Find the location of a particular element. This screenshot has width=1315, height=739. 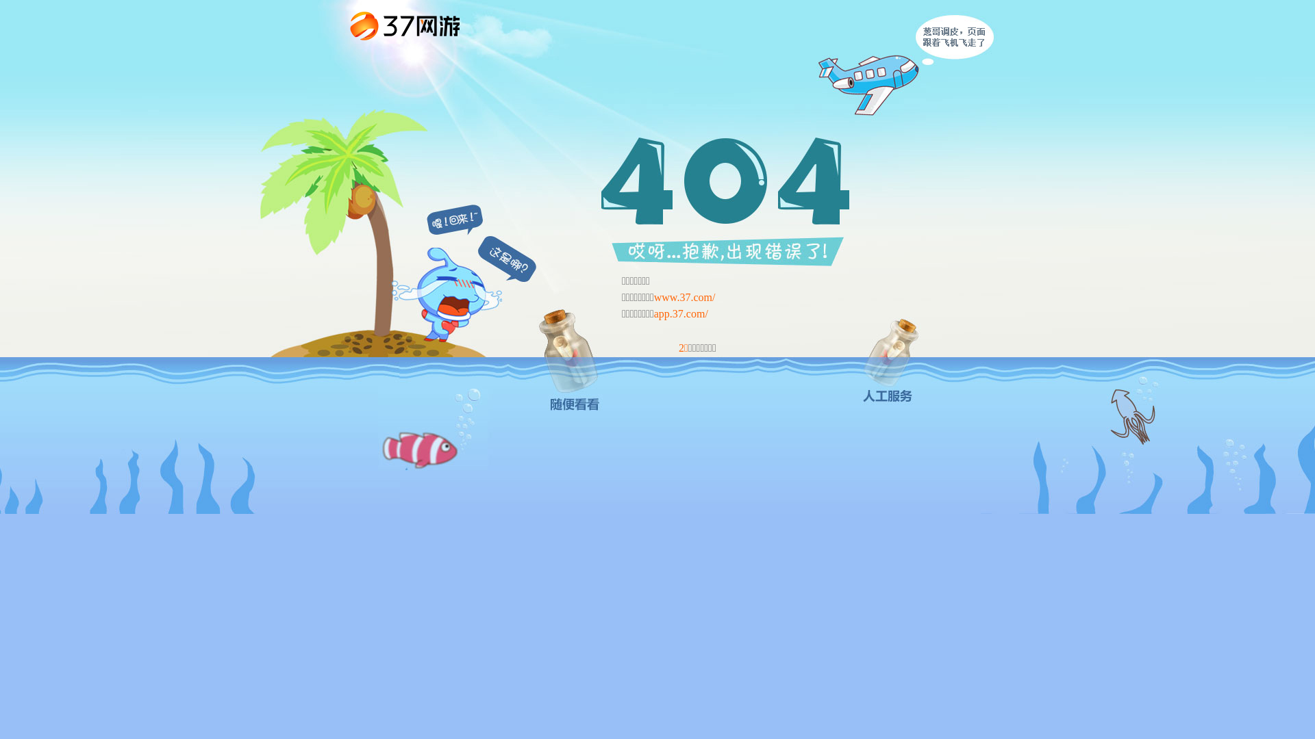

'www.37.com/' is located at coordinates (684, 296).